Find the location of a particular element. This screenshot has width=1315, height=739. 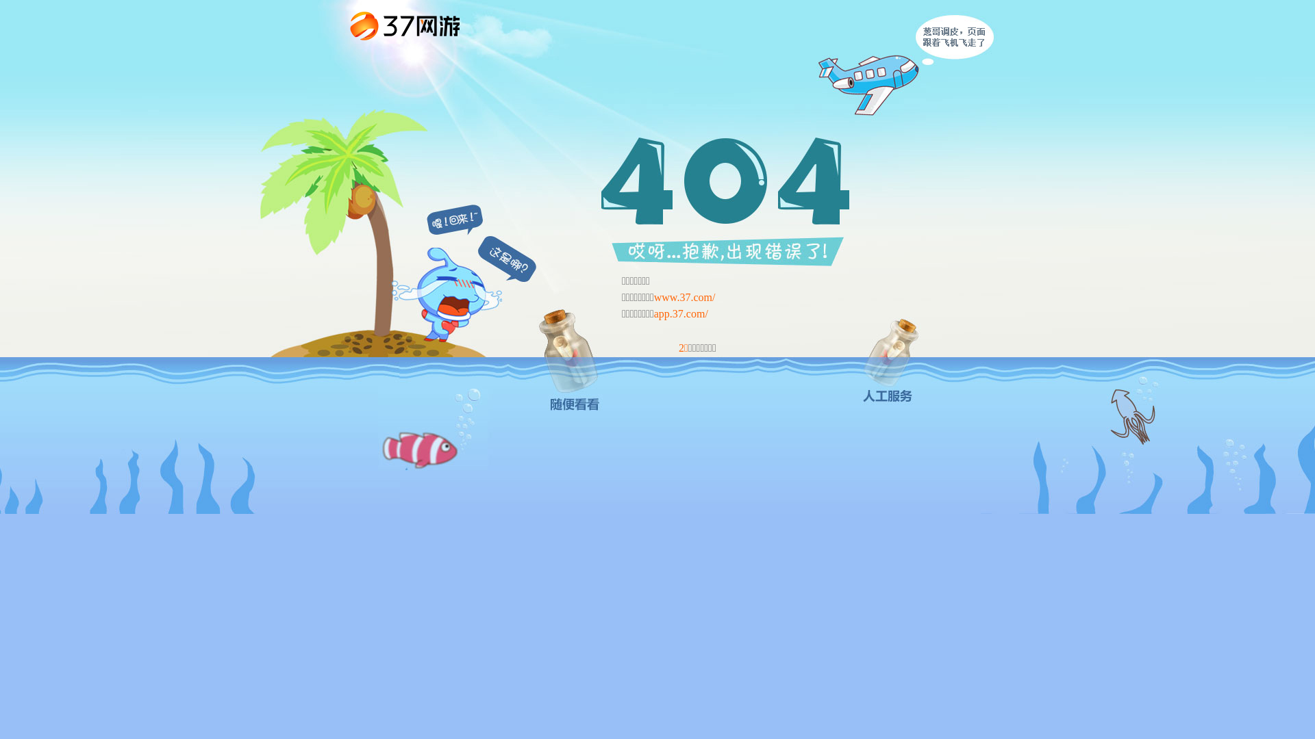

'www.37.com/' is located at coordinates (684, 296).